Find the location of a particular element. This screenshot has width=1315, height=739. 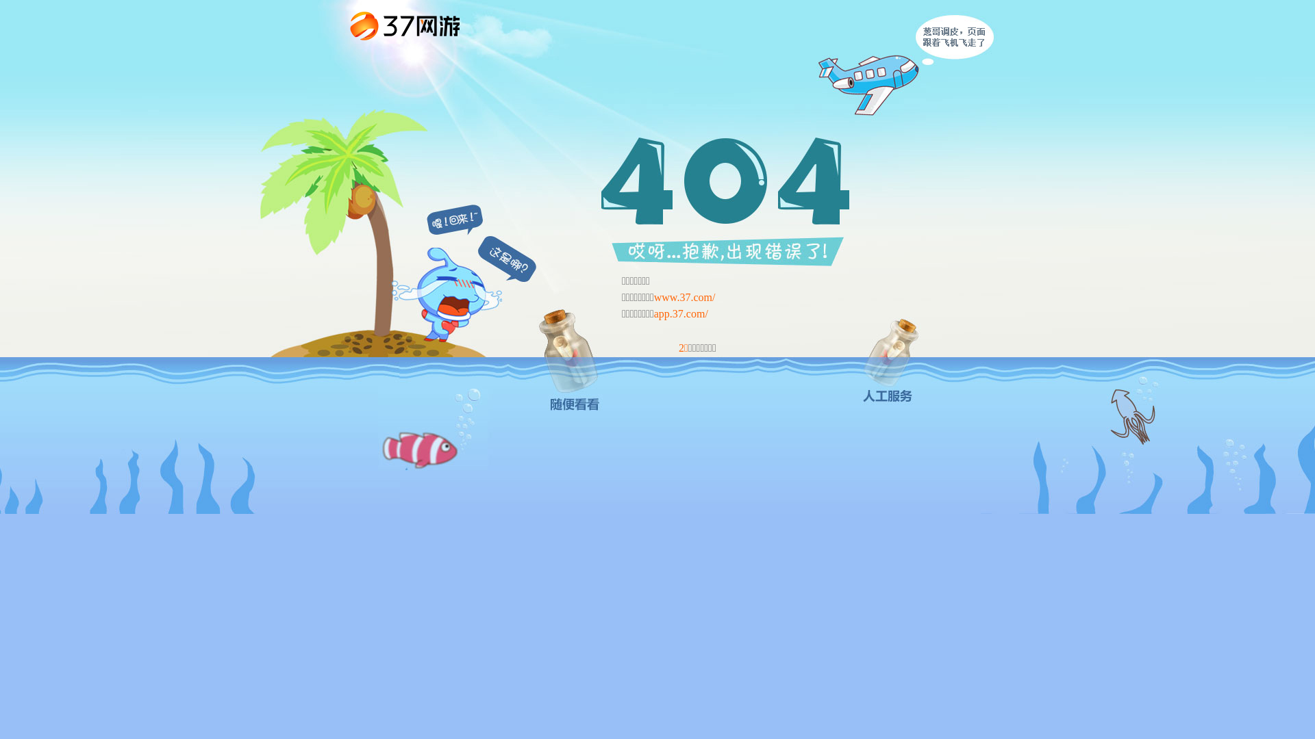

'www.37.com/' is located at coordinates (684, 296).